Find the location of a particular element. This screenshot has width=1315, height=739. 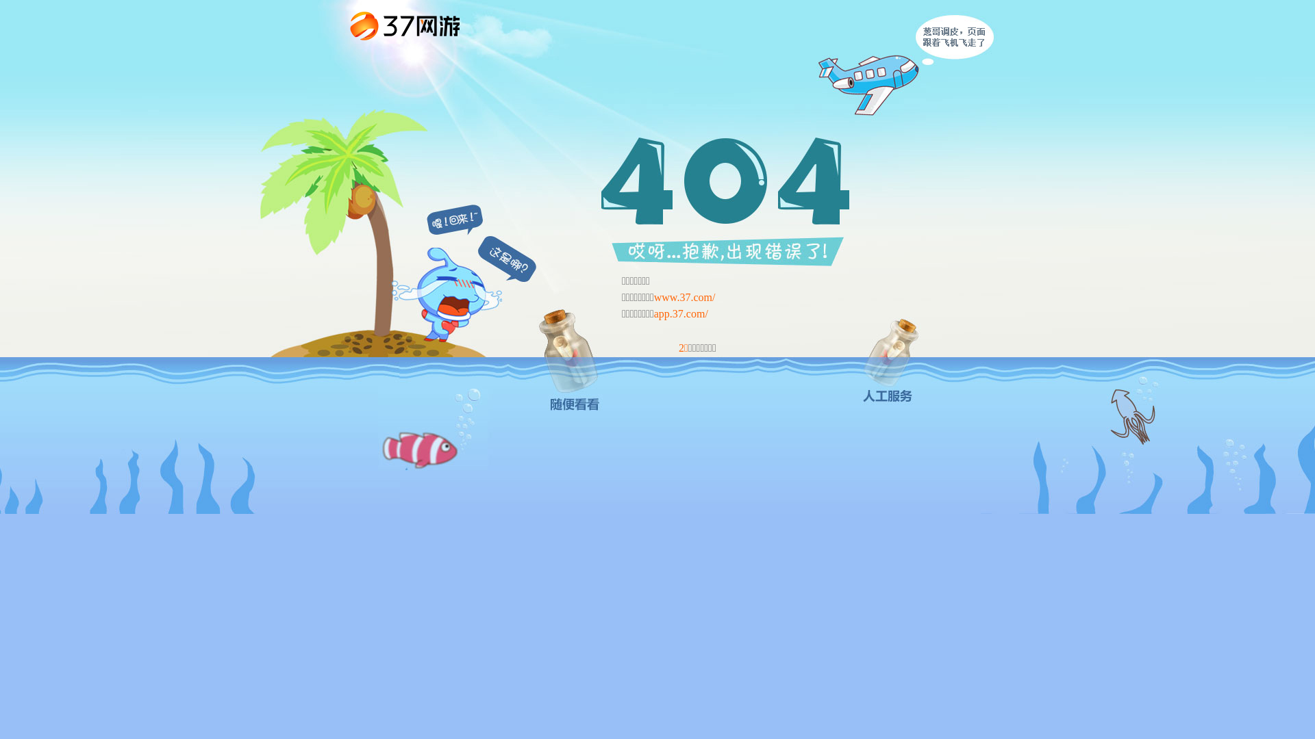

'www.37.com/' is located at coordinates (684, 296).